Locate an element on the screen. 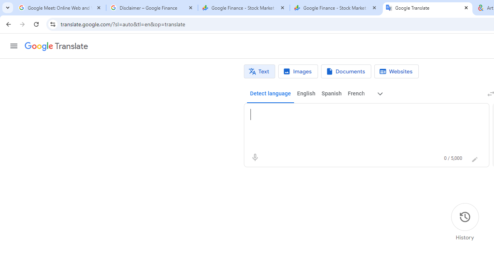 The height and width of the screenshot is (278, 494). 'More source languages' is located at coordinates (380, 93).